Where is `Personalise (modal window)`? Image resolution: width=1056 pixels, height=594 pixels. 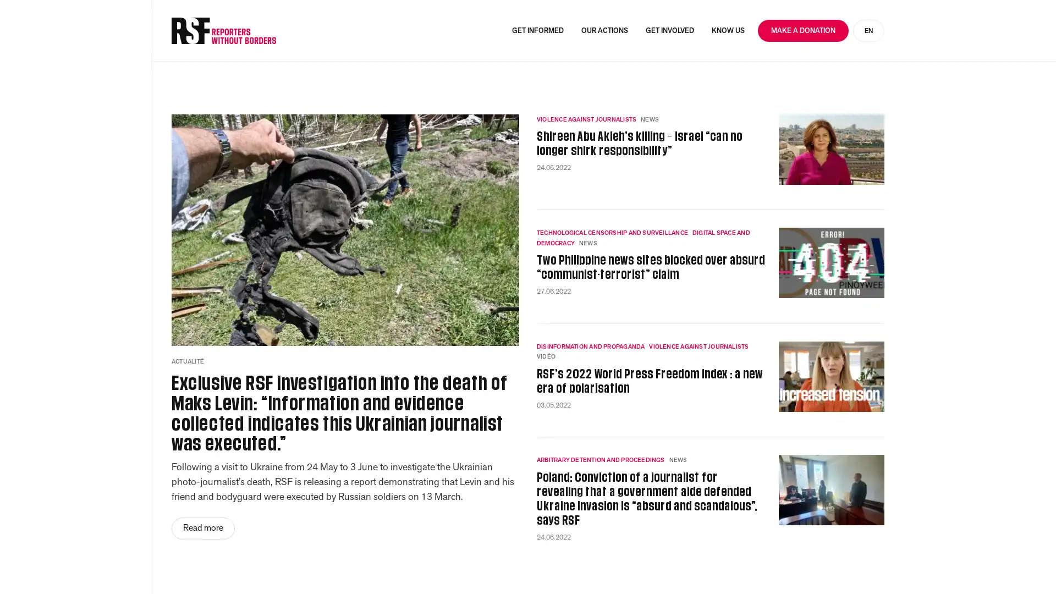 Personalise (modal window) is located at coordinates (888, 565).